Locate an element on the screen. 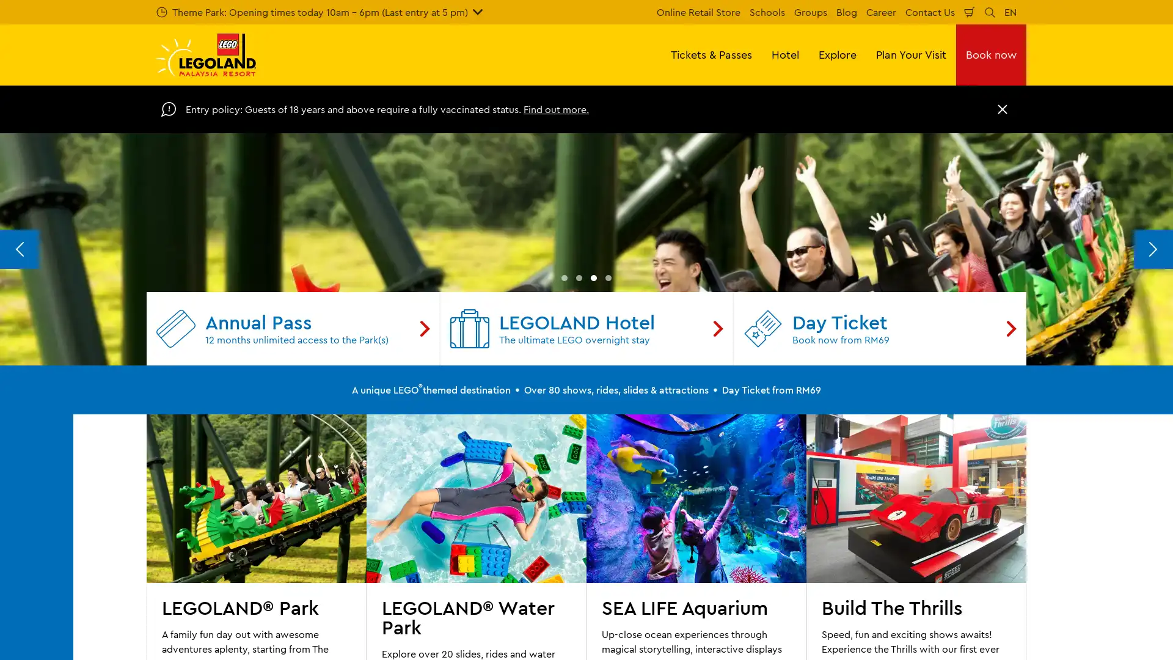 This screenshot has width=1173, height=660. Tickets & Passes is located at coordinates (711, 54).